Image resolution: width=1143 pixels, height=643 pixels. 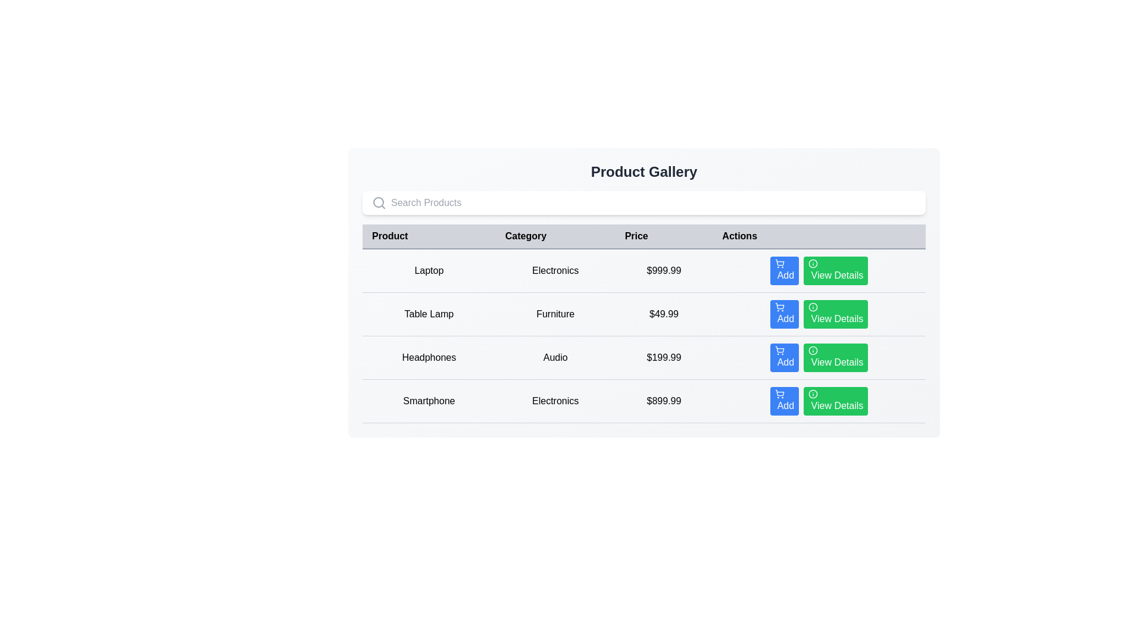 I want to click on the button in the last row of the table under the 'Actions' column, so click(x=819, y=401).